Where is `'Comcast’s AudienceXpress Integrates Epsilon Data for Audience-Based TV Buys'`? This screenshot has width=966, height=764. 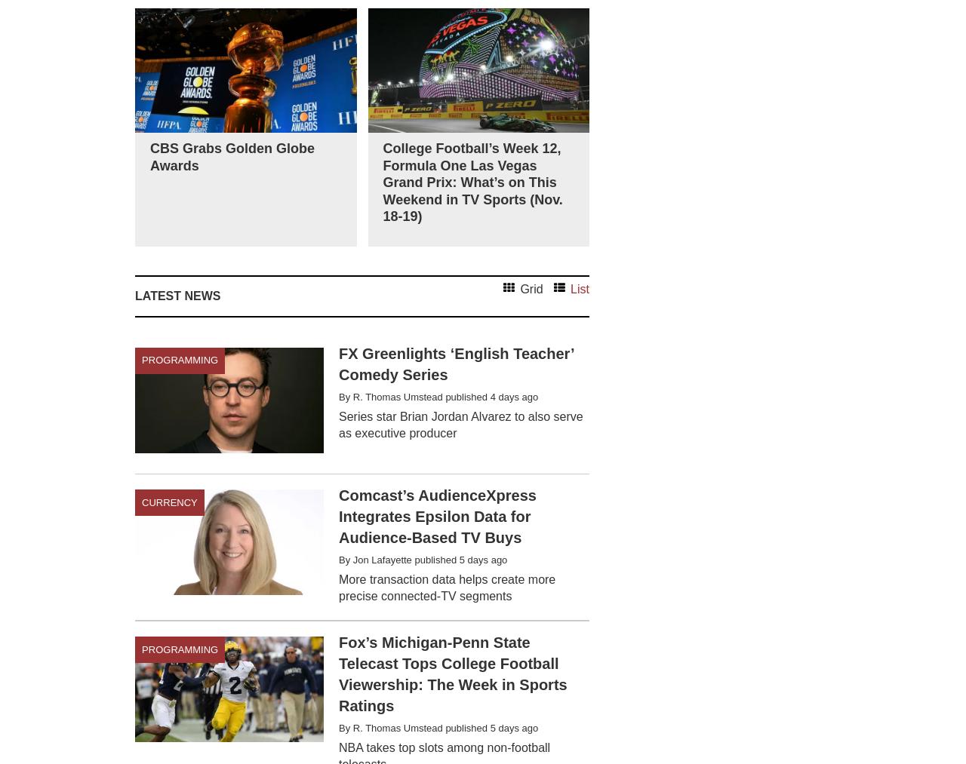
'Comcast’s AudienceXpress Integrates Epsilon Data for Audience-Based TV Buys' is located at coordinates (436, 515).